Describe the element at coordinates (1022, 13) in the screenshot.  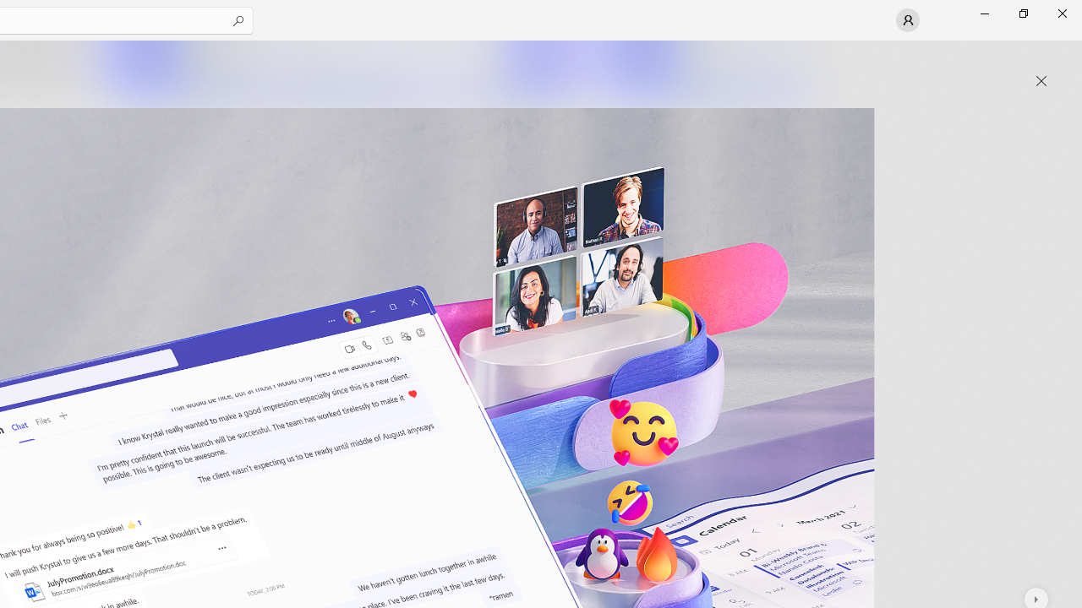
I see `'Restore Microsoft Store'` at that location.